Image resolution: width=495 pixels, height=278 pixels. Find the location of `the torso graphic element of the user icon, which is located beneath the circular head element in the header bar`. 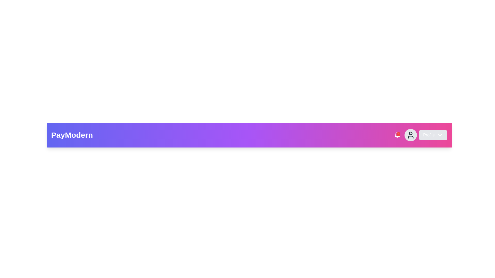

the torso graphic element of the user icon, which is located beneath the circular head element in the header bar is located at coordinates (410, 137).